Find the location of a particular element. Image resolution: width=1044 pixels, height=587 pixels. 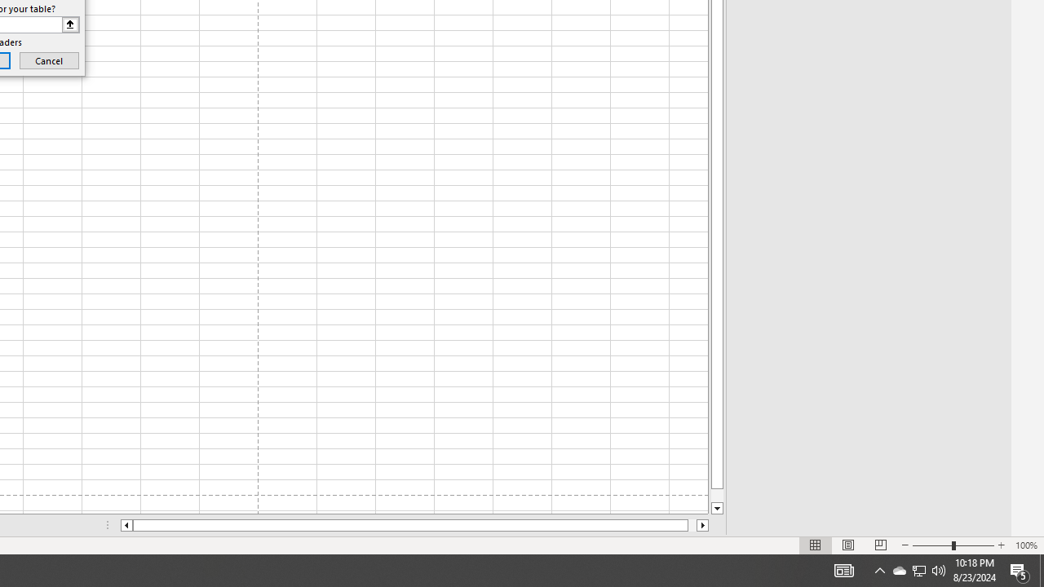

'Page Break Preview' is located at coordinates (879, 545).